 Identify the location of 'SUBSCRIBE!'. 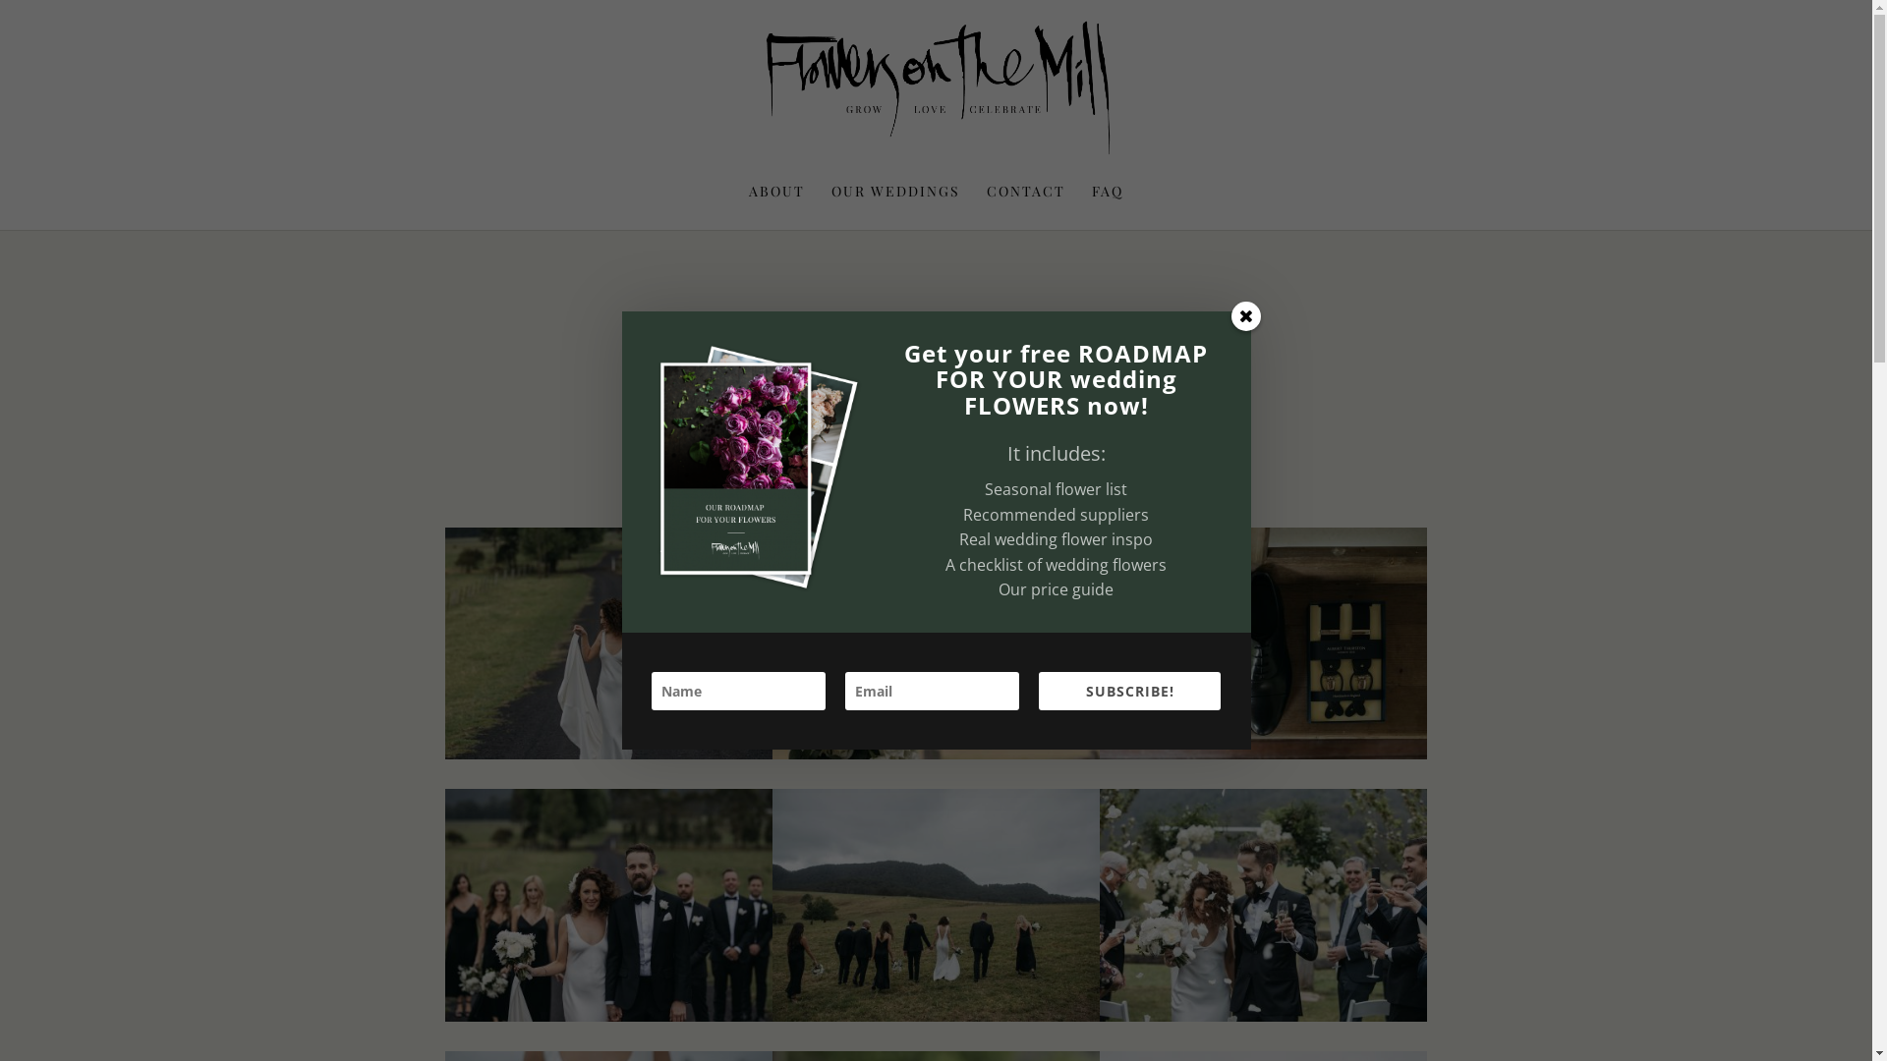
(1130, 690).